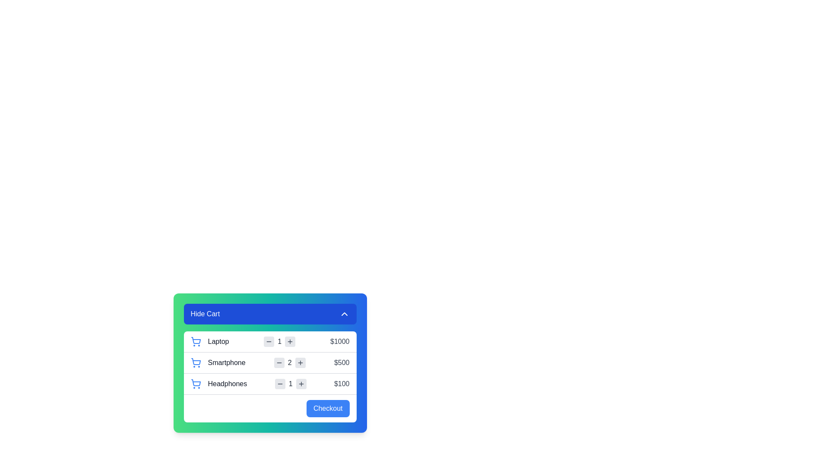 The image size is (829, 466). Describe the element at coordinates (291, 384) in the screenshot. I see `the quantity text element in the cart that indicates the number of items, located between the decrement and increment buttons in the 'Headphones' row` at that location.